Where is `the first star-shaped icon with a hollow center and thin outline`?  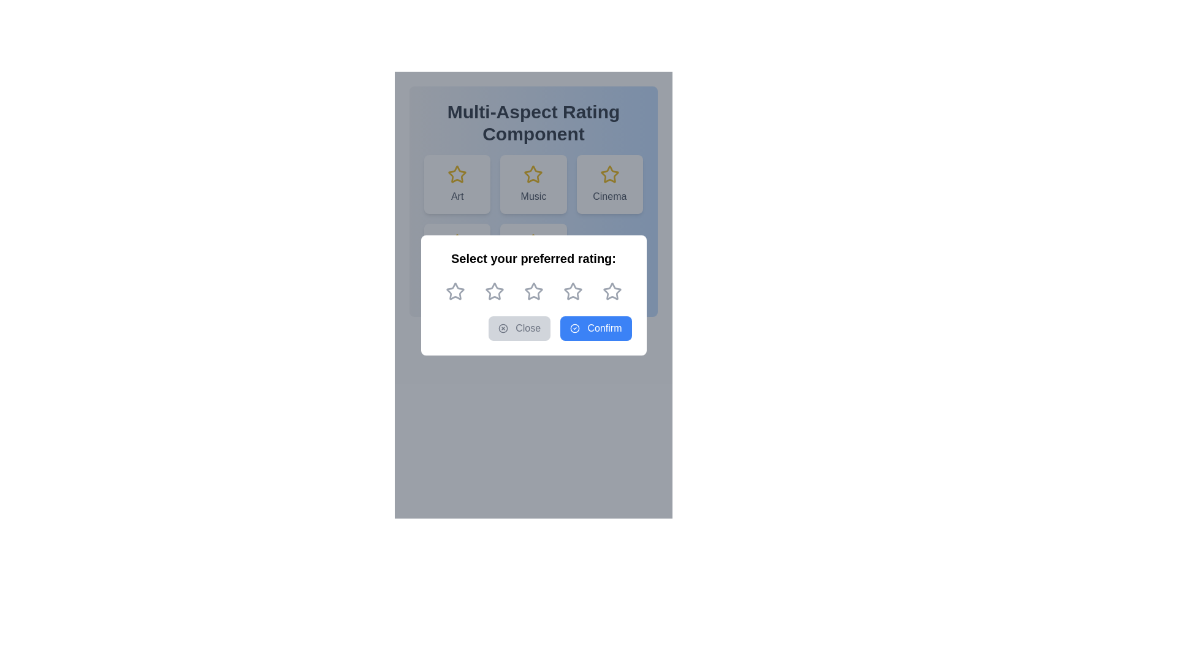 the first star-shaped icon with a hollow center and thin outline is located at coordinates (494, 291).